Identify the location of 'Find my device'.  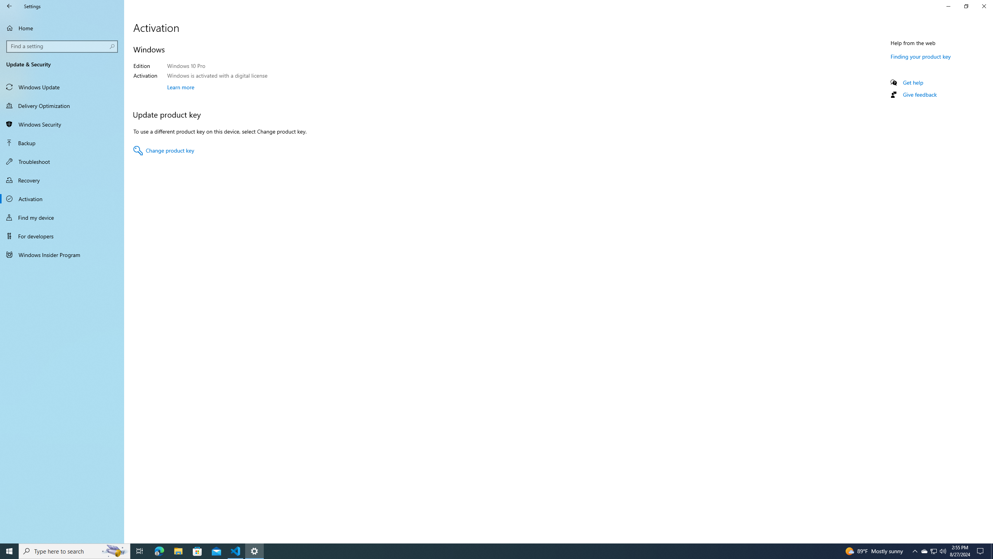
(62, 217).